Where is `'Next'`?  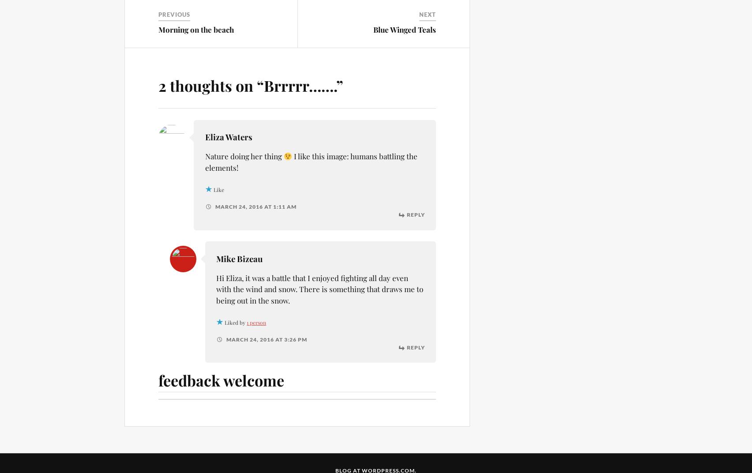 'Next' is located at coordinates (428, 14).